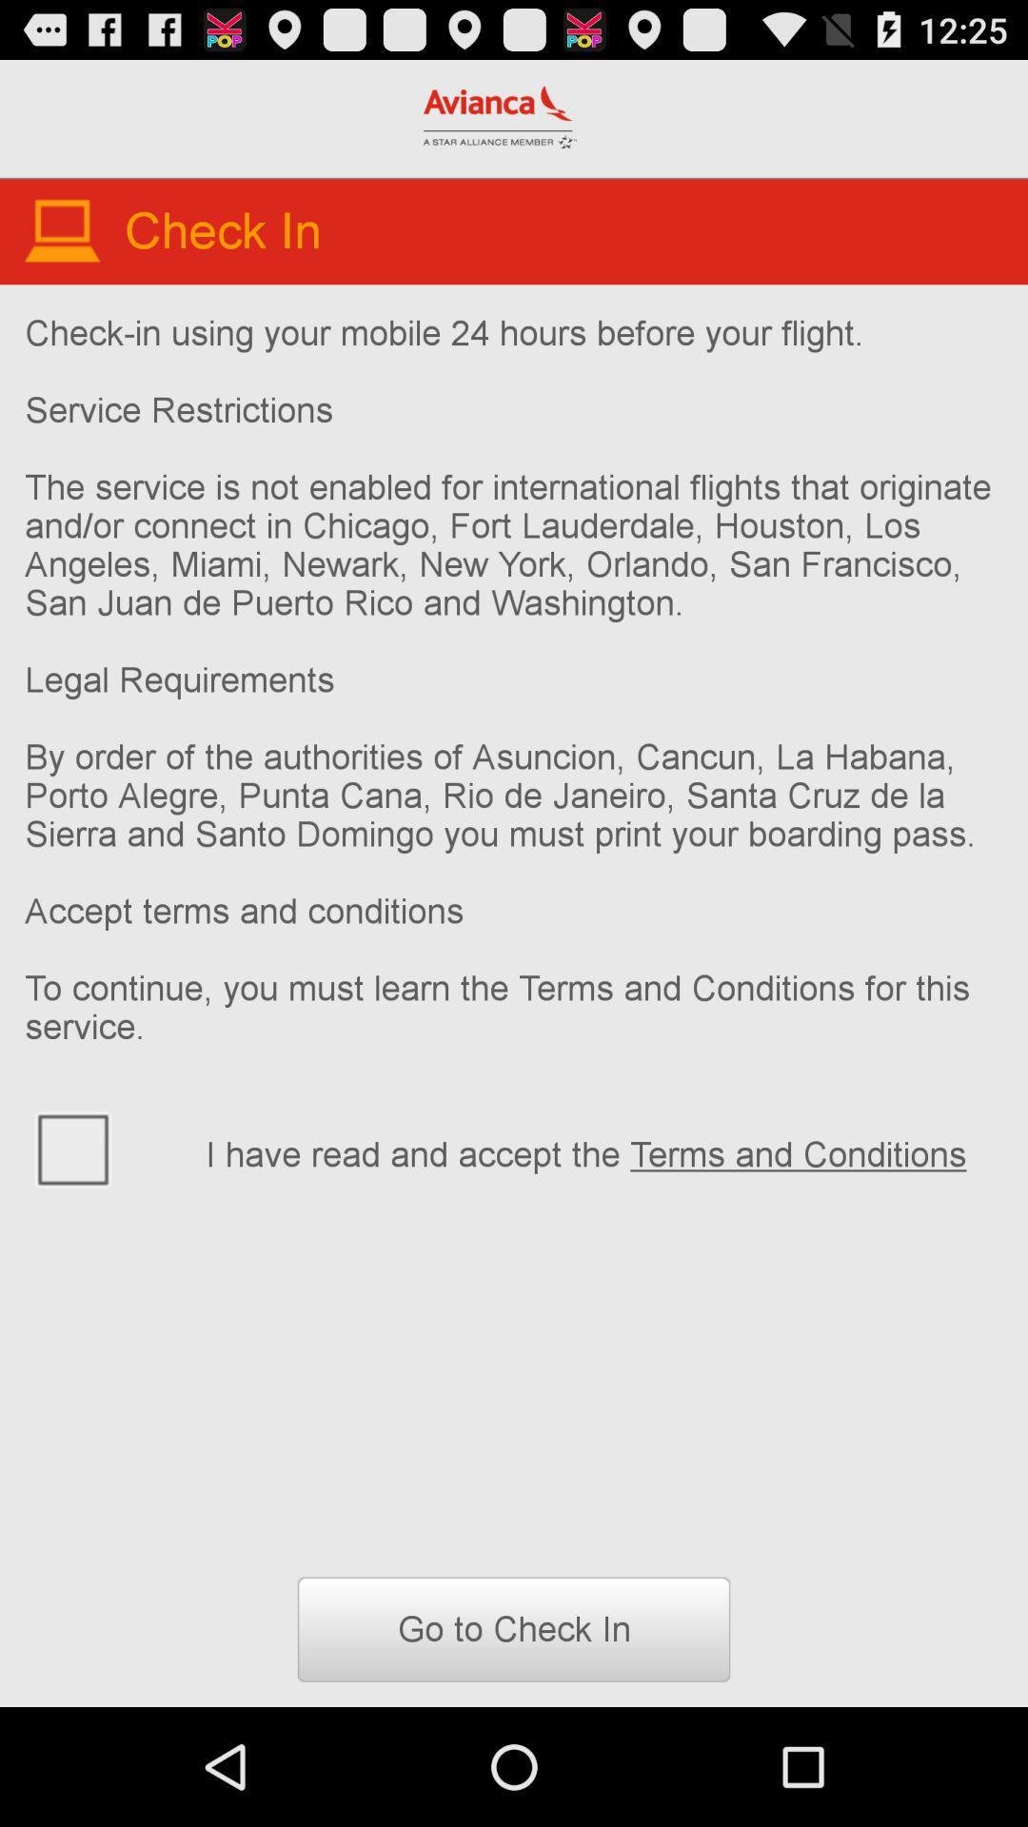 The width and height of the screenshot is (1028, 1827). Describe the element at coordinates (603, 1150) in the screenshot. I see `i have read` at that location.